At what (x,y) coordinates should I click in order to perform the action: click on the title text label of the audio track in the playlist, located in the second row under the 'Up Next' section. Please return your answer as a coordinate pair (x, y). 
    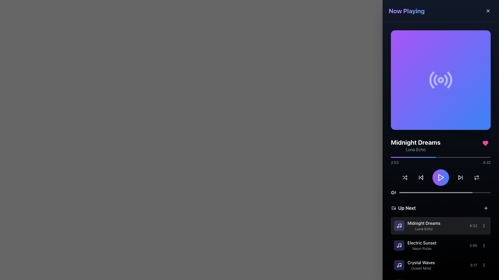
    Looking at the image, I should click on (422, 243).